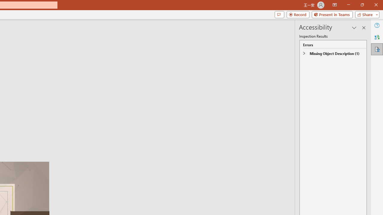 Image resolution: width=383 pixels, height=215 pixels. What do you see at coordinates (334, 5) in the screenshot?
I see `'Ribbon Display Options'` at bounding box center [334, 5].